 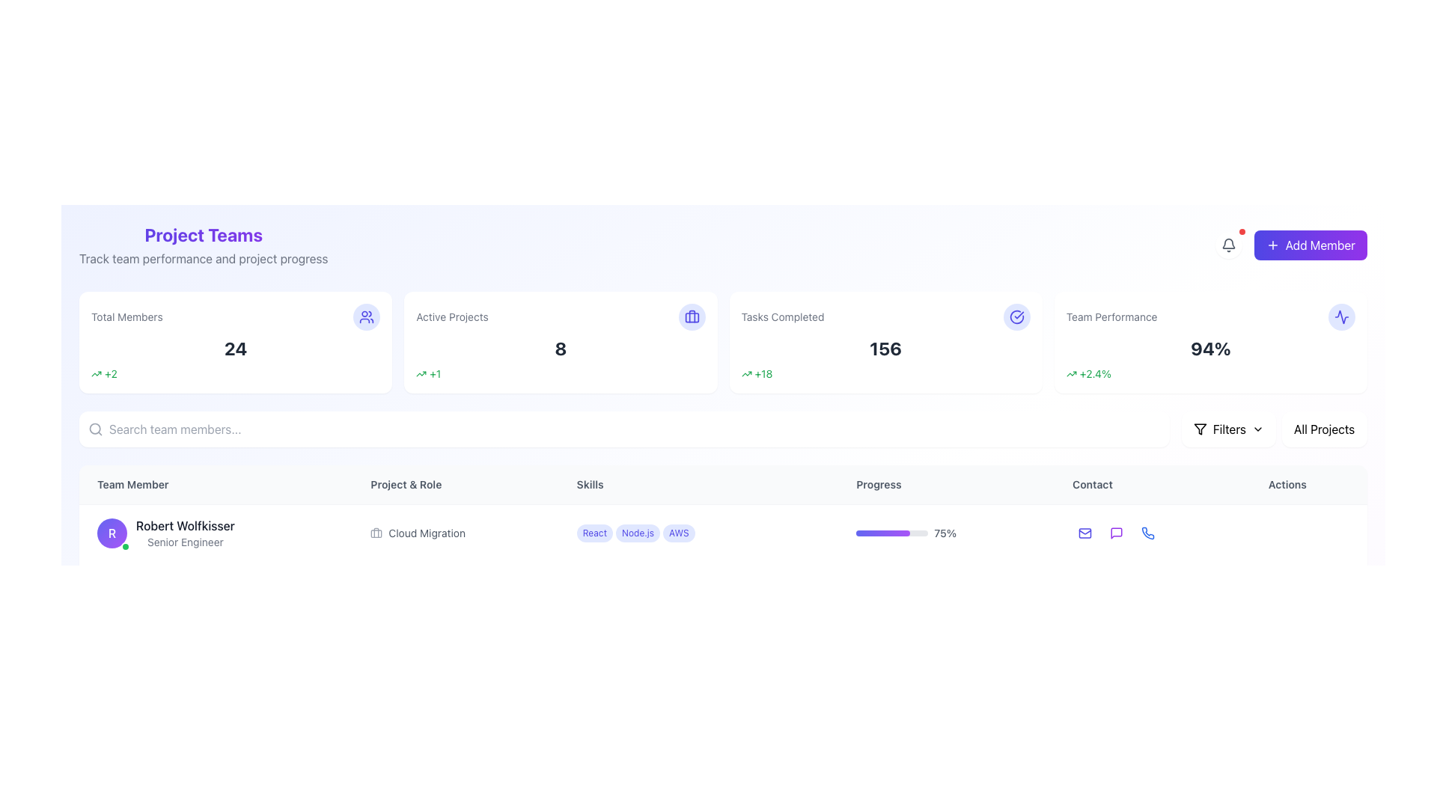 I want to click on the messaging/chat icon button located in the 'Contact' column for team member 'Robert Wolfkisser' to initiate a chat, so click(x=1117, y=533).